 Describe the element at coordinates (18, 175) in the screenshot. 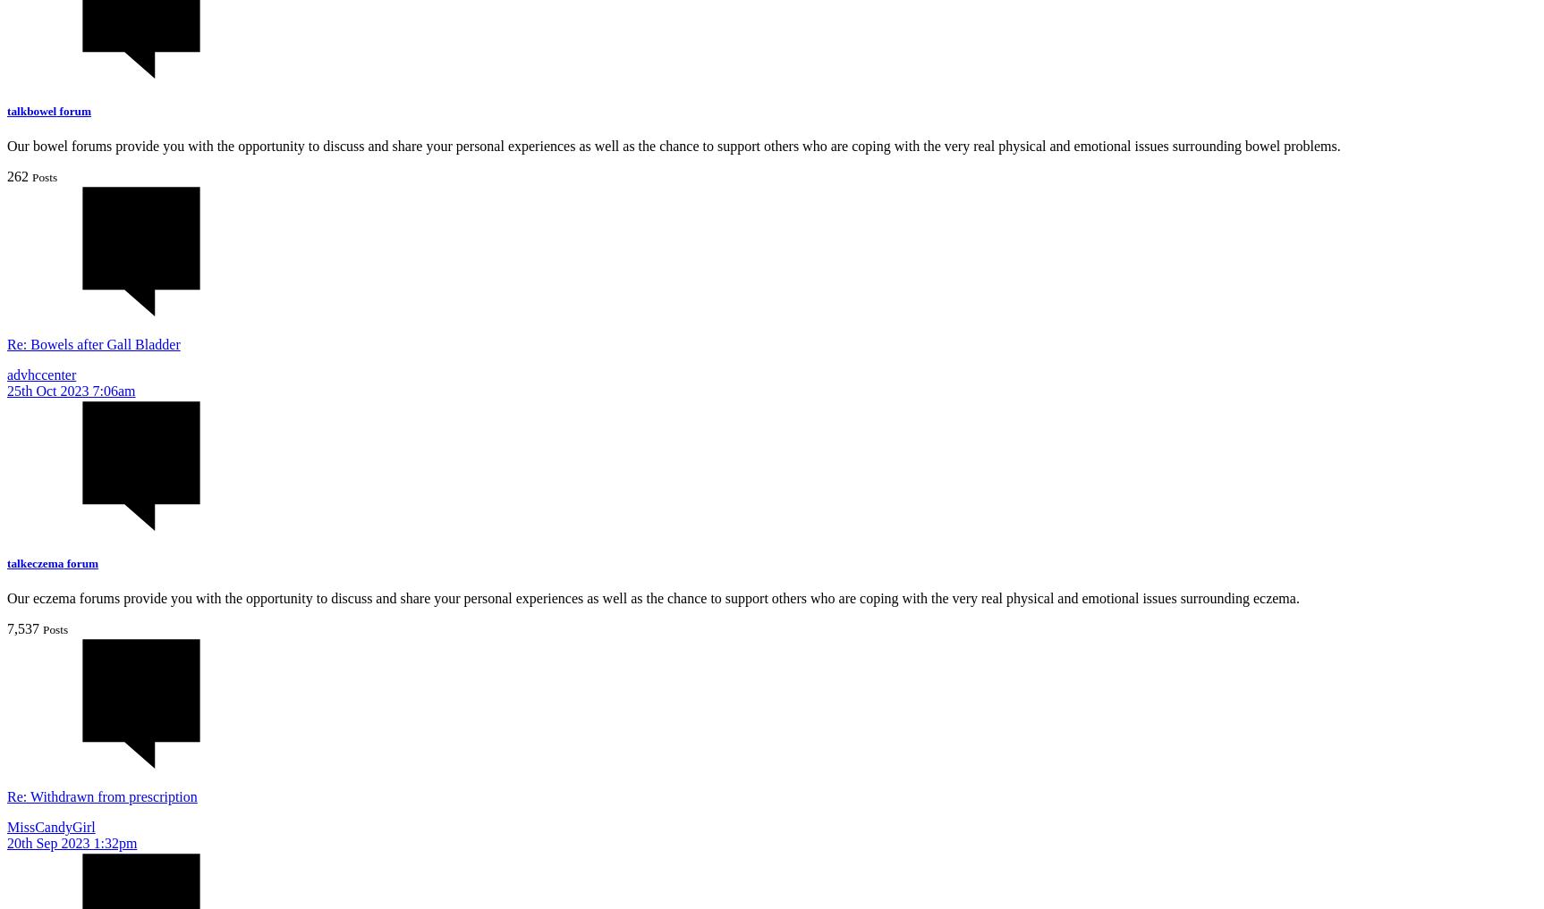

I see `'262'` at that location.